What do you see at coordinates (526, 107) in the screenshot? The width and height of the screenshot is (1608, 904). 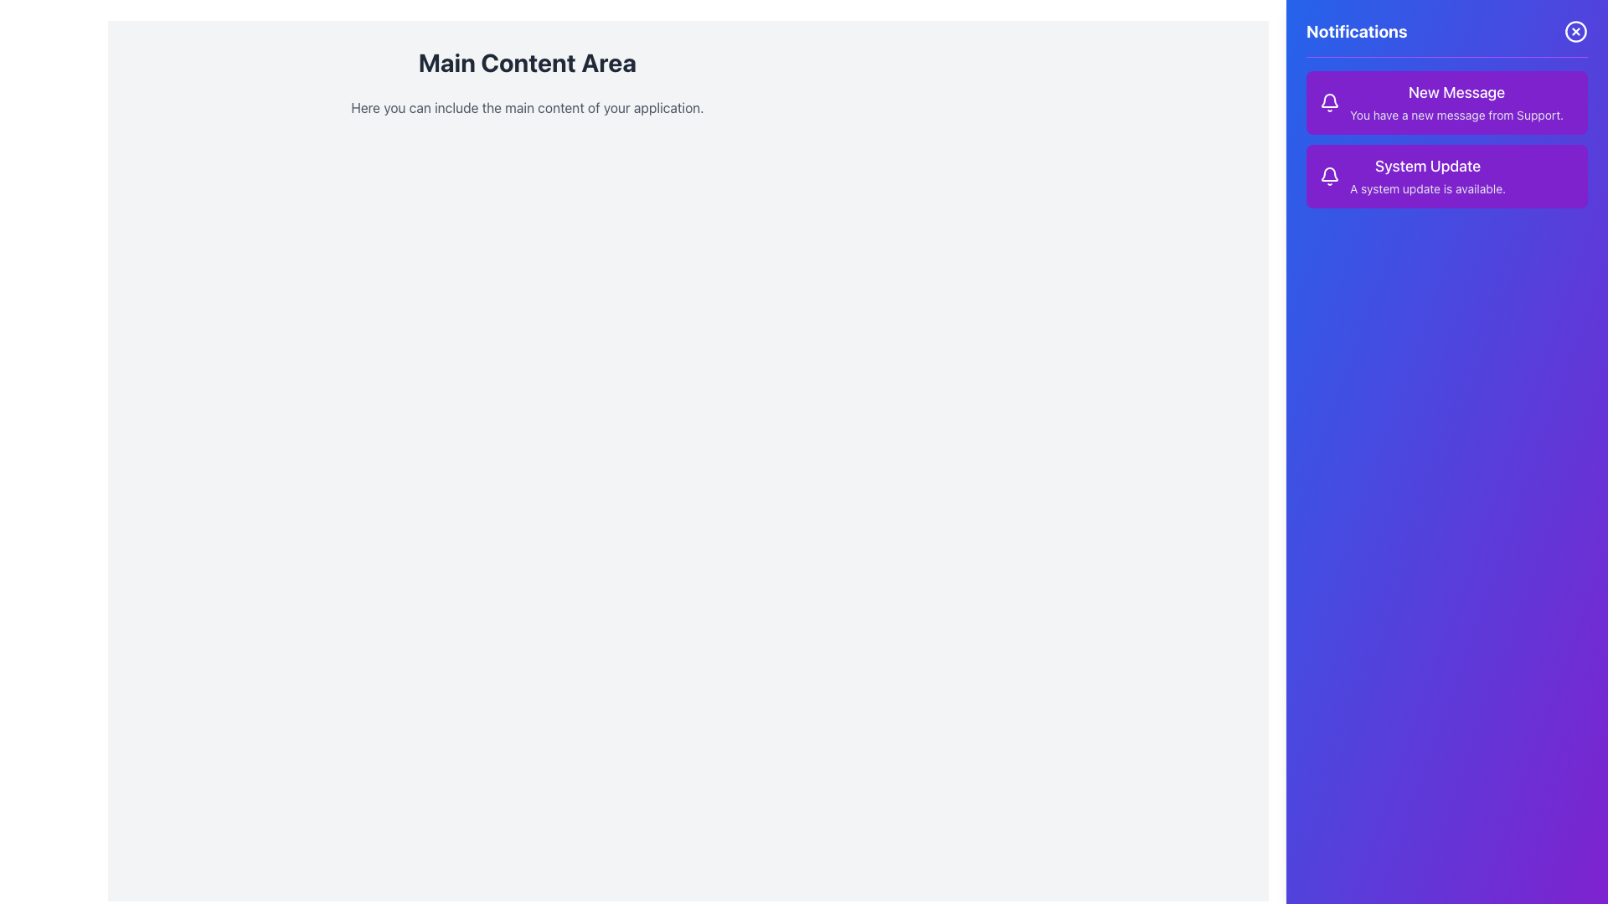 I see `the text block that reads 'Here you can include the main content of your application.' which is styled with a light gray color and positioned below the 'Main Content Area' header` at bounding box center [526, 107].